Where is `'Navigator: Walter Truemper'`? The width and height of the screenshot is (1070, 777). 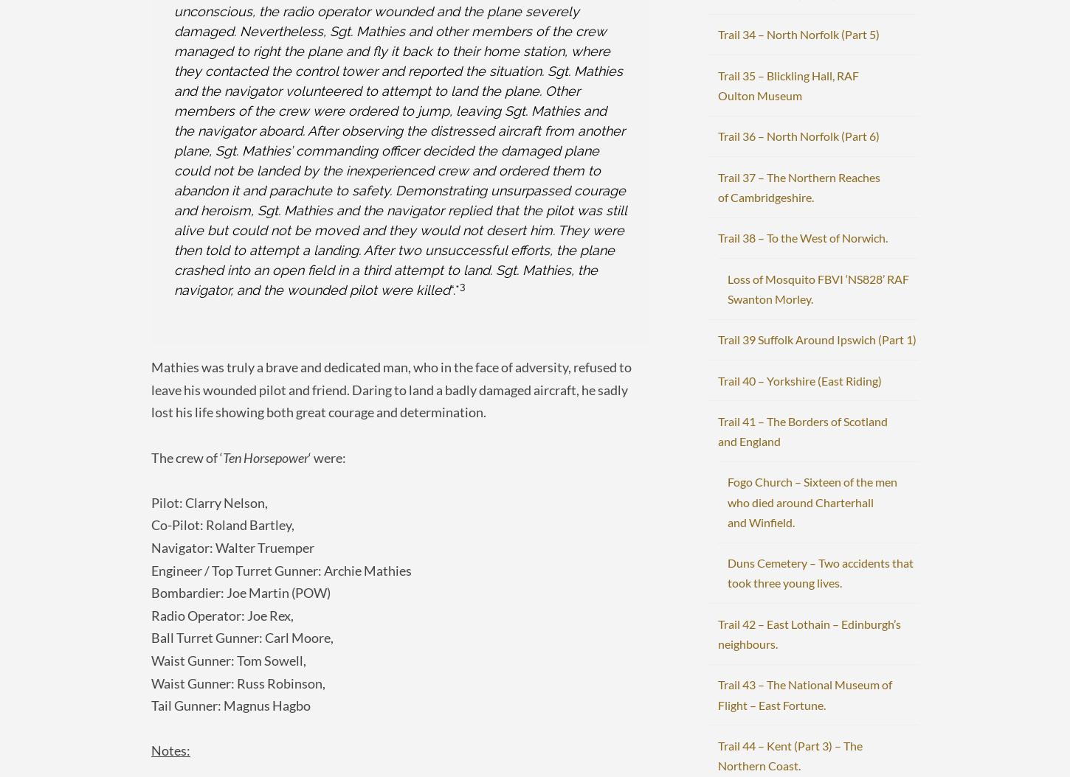 'Navigator: Walter Truemper' is located at coordinates (151, 547).